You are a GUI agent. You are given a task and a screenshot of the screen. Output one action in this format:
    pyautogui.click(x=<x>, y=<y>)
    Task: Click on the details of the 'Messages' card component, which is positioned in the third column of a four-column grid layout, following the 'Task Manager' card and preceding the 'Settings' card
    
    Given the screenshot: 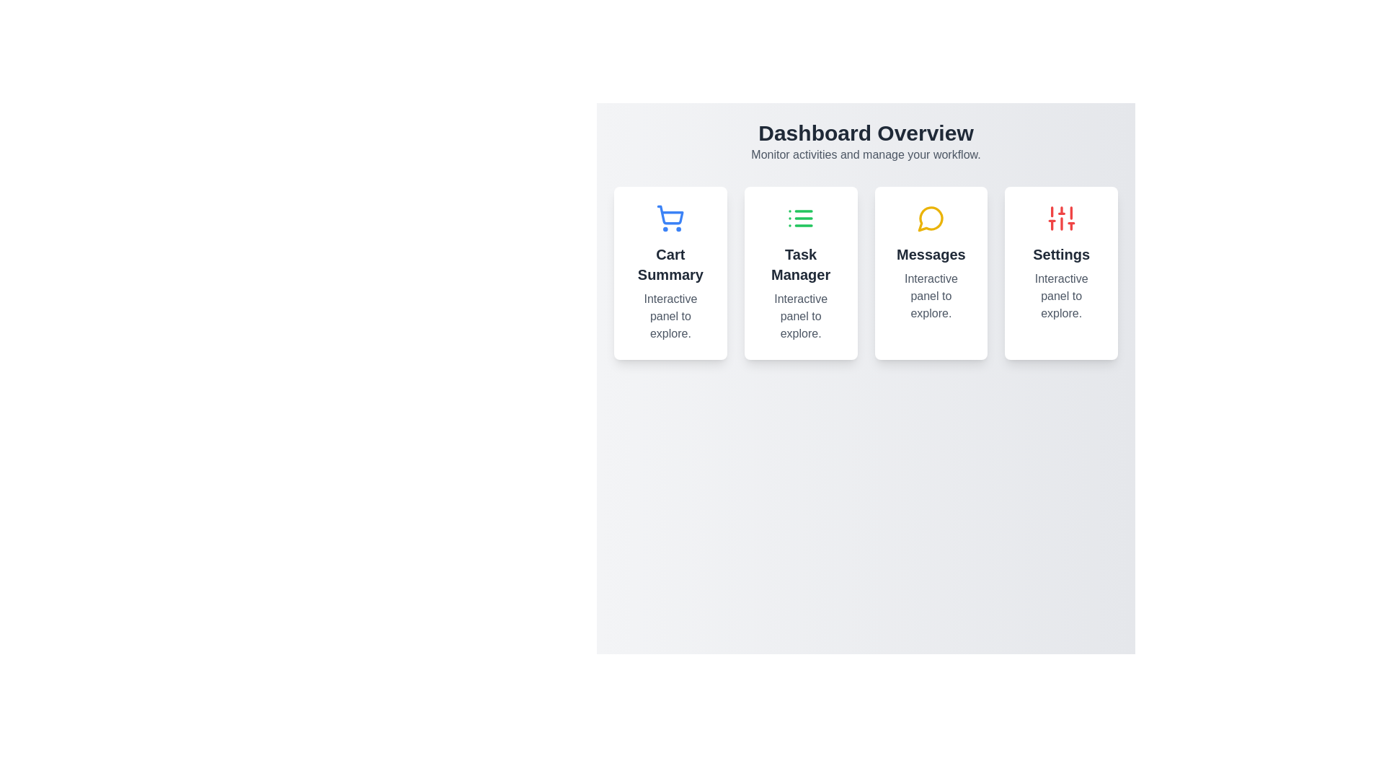 What is the action you would take?
    pyautogui.click(x=931, y=273)
    